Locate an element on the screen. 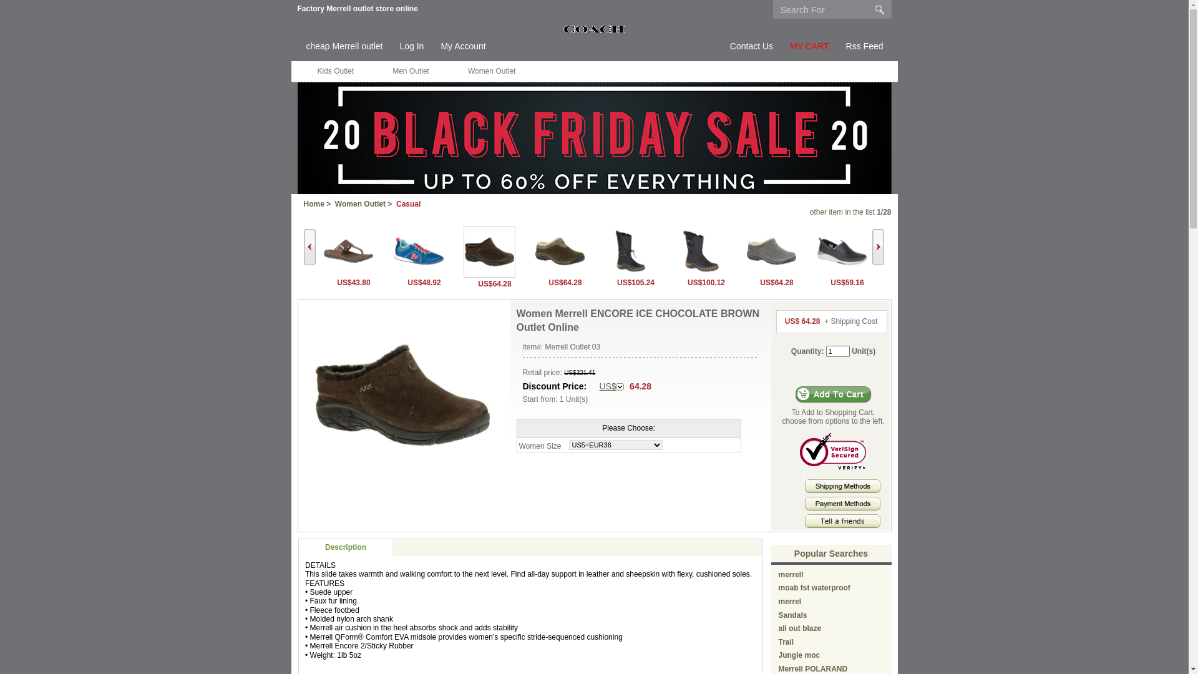 The width and height of the screenshot is (1198, 674). 'Casual' is located at coordinates (408, 203).